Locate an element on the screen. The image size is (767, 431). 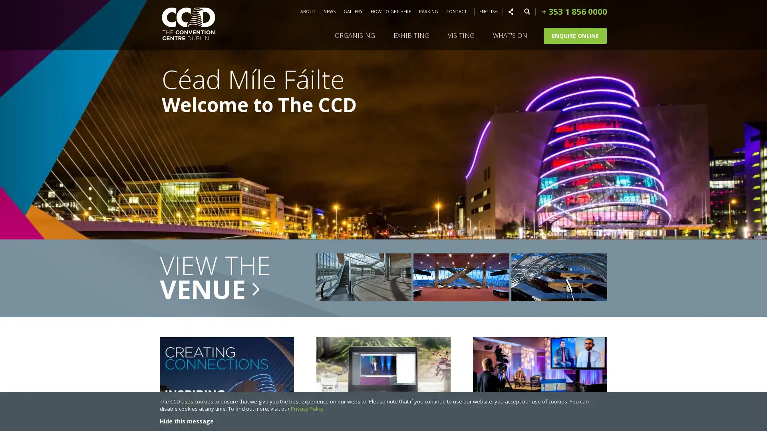
Hide this message is located at coordinates (186, 421).